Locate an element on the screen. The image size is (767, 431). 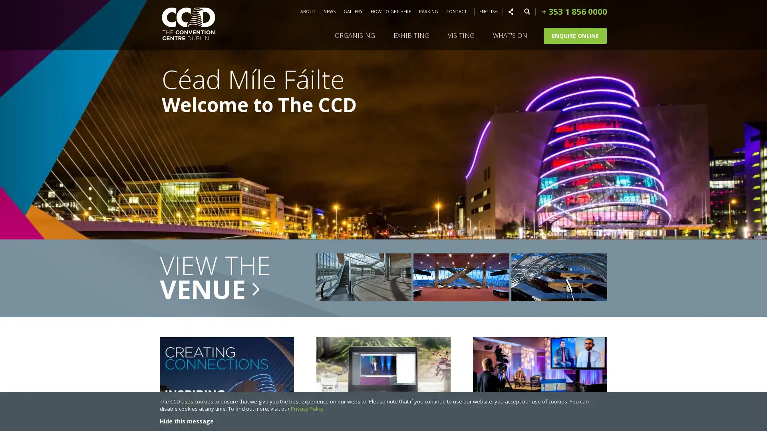
Hide this message is located at coordinates (186, 421).